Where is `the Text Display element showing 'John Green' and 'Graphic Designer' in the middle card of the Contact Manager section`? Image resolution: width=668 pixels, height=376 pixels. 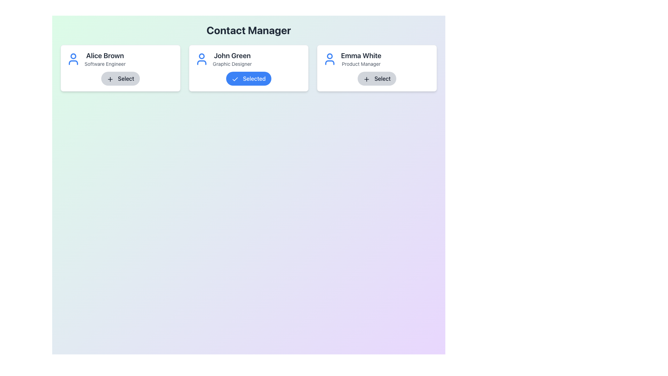 the Text Display element showing 'John Green' and 'Graphic Designer' in the middle card of the Contact Manager section is located at coordinates (232, 58).